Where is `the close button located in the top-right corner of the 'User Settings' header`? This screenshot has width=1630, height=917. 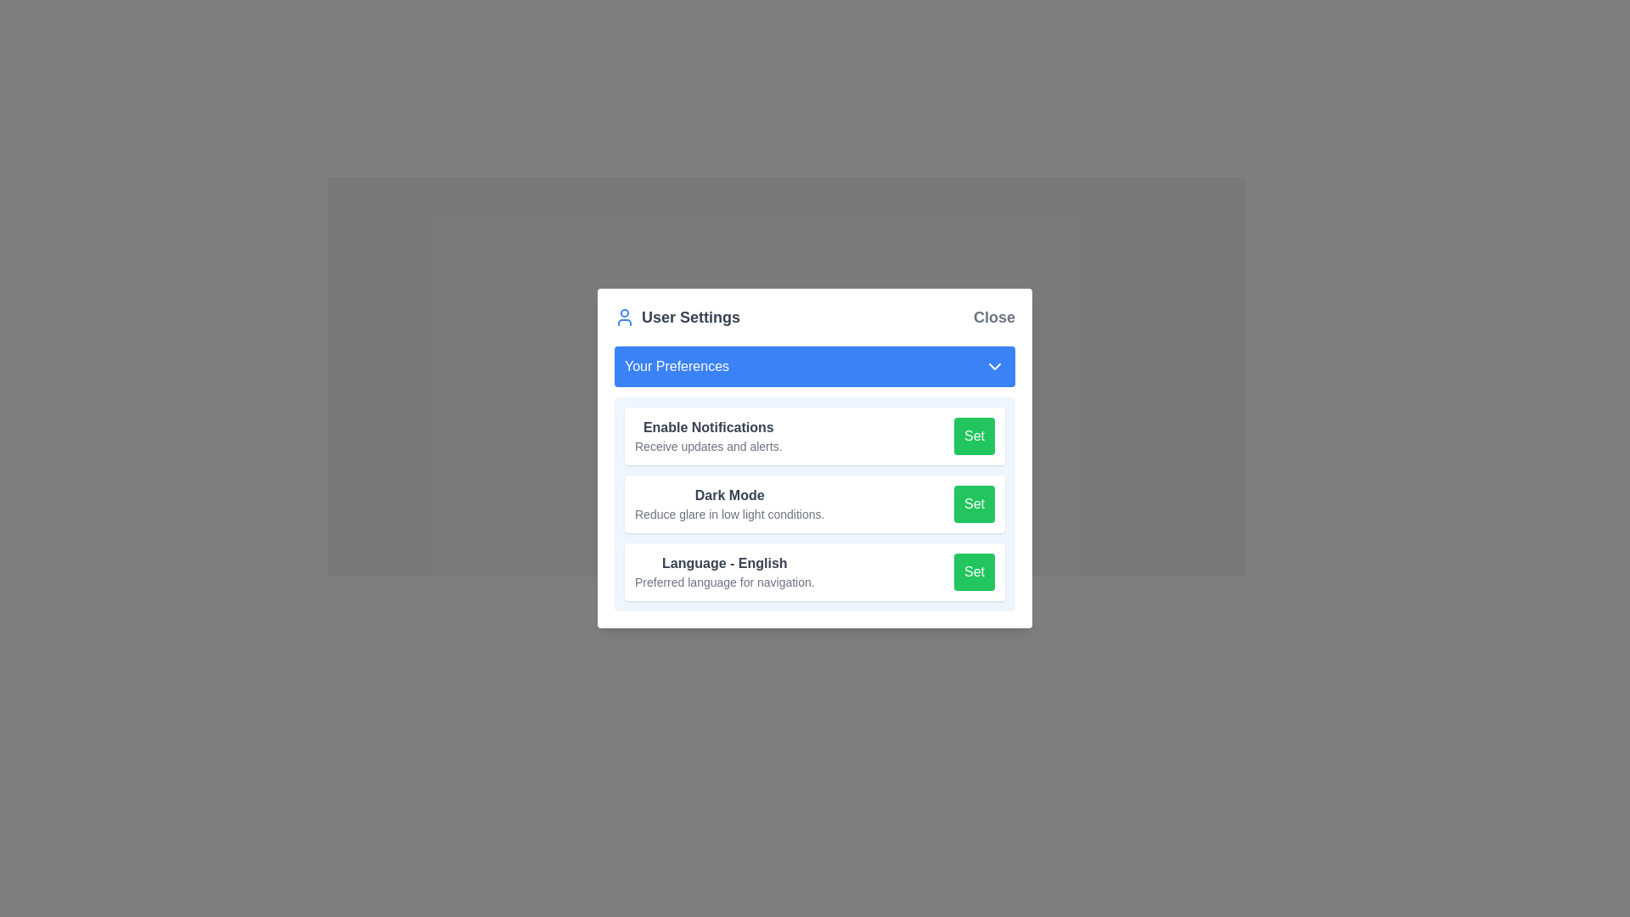
the close button located in the top-right corner of the 'User Settings' header is located at coordinates (994, 318).